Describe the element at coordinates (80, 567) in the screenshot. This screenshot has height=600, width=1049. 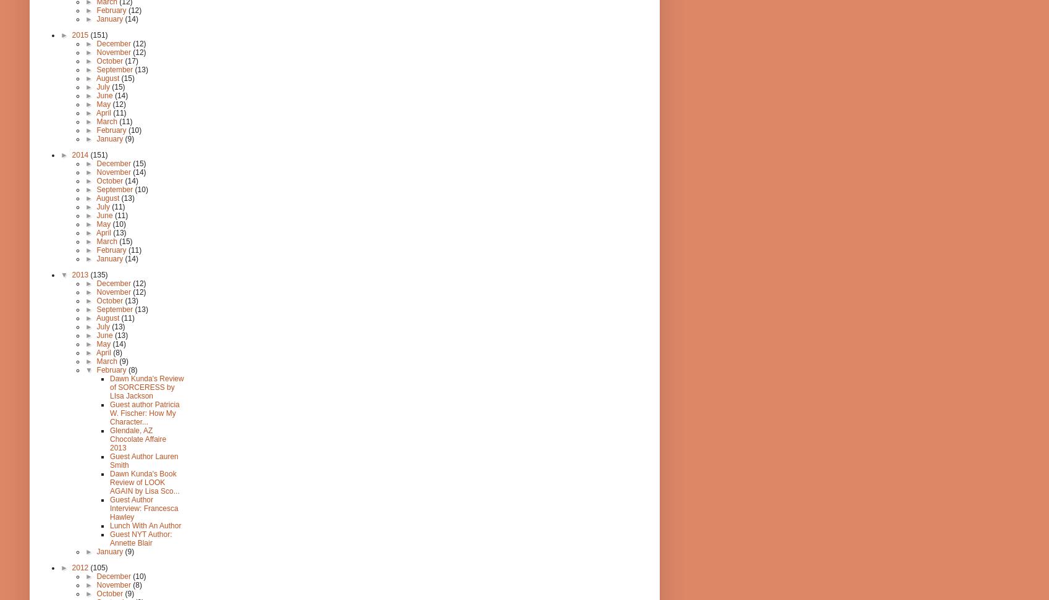
I see `'2012'` at that location.